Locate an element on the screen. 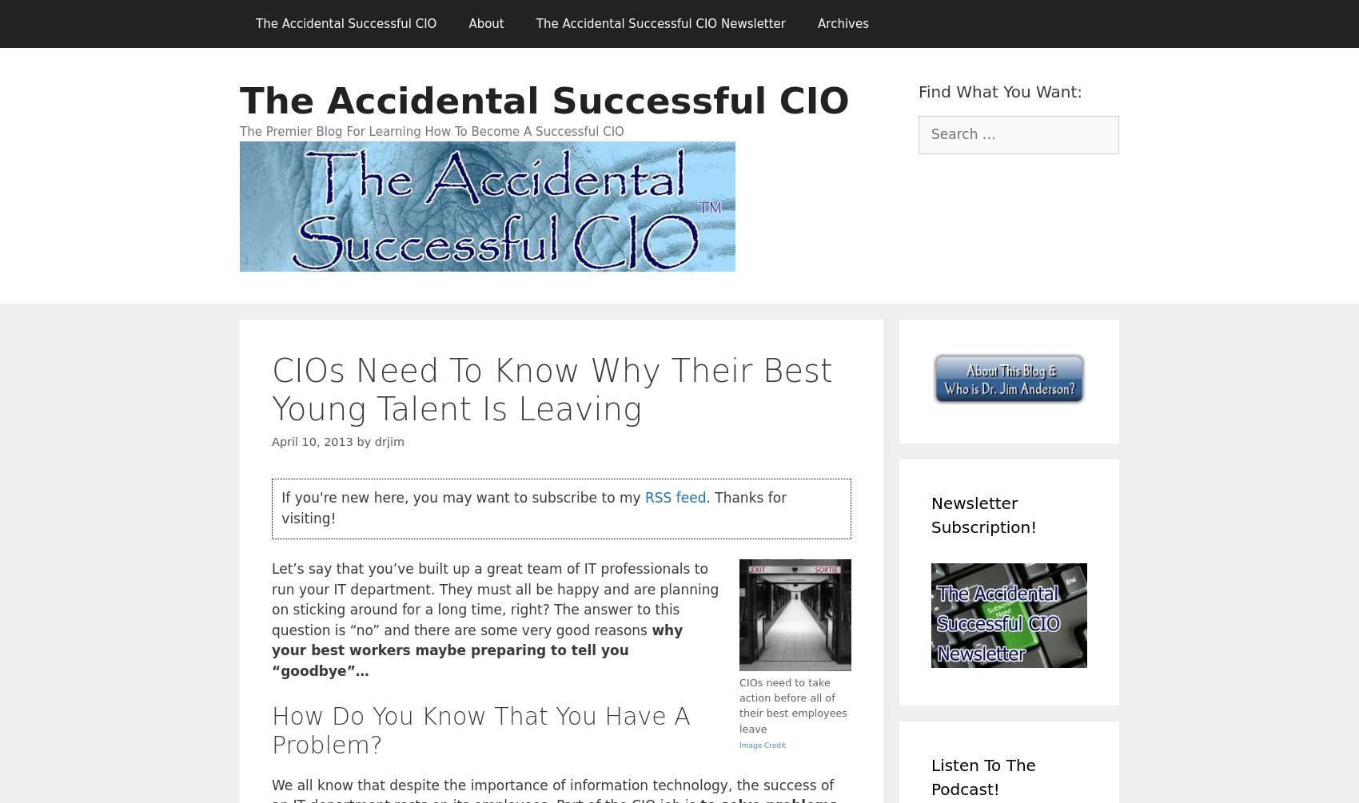 Image resolution: width=1359 pixels, height=803 pixels. 'why your best workers maybe preparing to tell you “goodbye”…' is located at coordinates (476, 650).